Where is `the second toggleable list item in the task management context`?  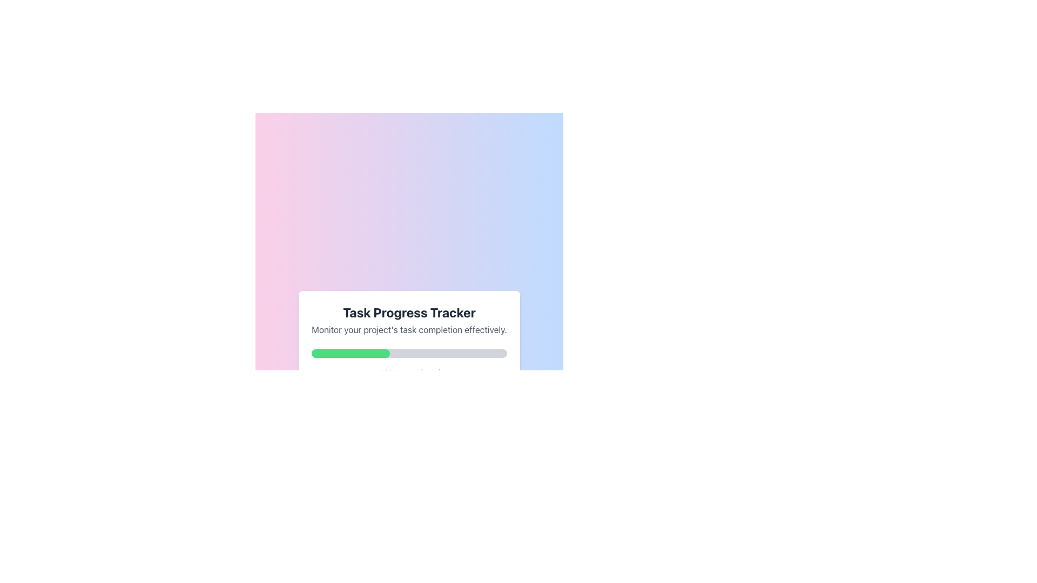
the second toggleable list item in the task management context is located at coordinates (409, 430).